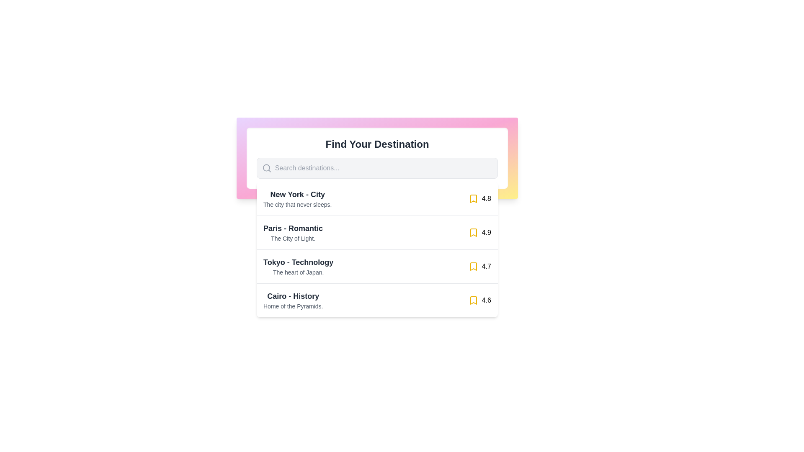  I want to click on the list item displaying 'Cairo - History', which includes the subtitle 'Home of the Pyramids.' and a rating of '4.6', located as the fourth item in the vertical list, so click(377, 300).